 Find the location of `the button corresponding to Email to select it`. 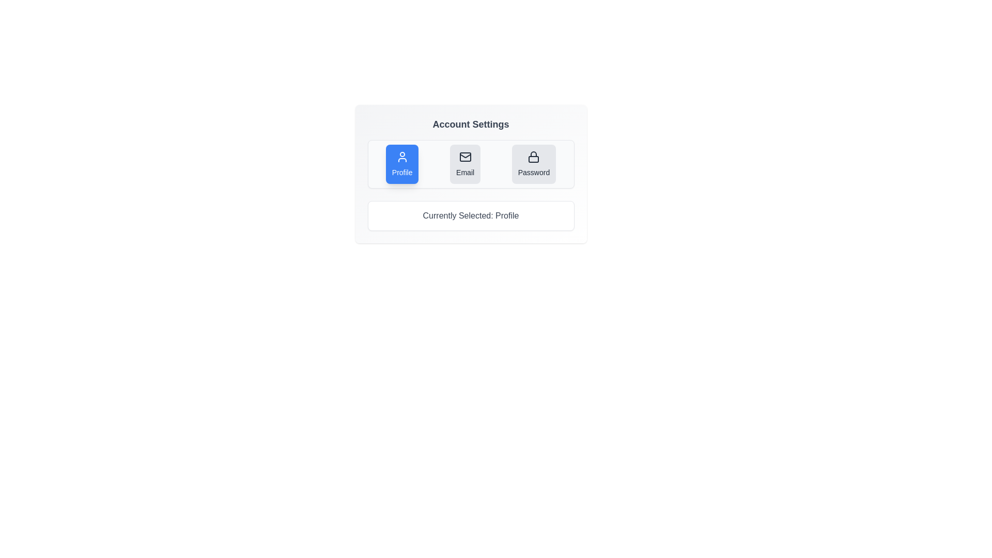

the button corresponding to Email to select it is located at coordinates (464, 163).